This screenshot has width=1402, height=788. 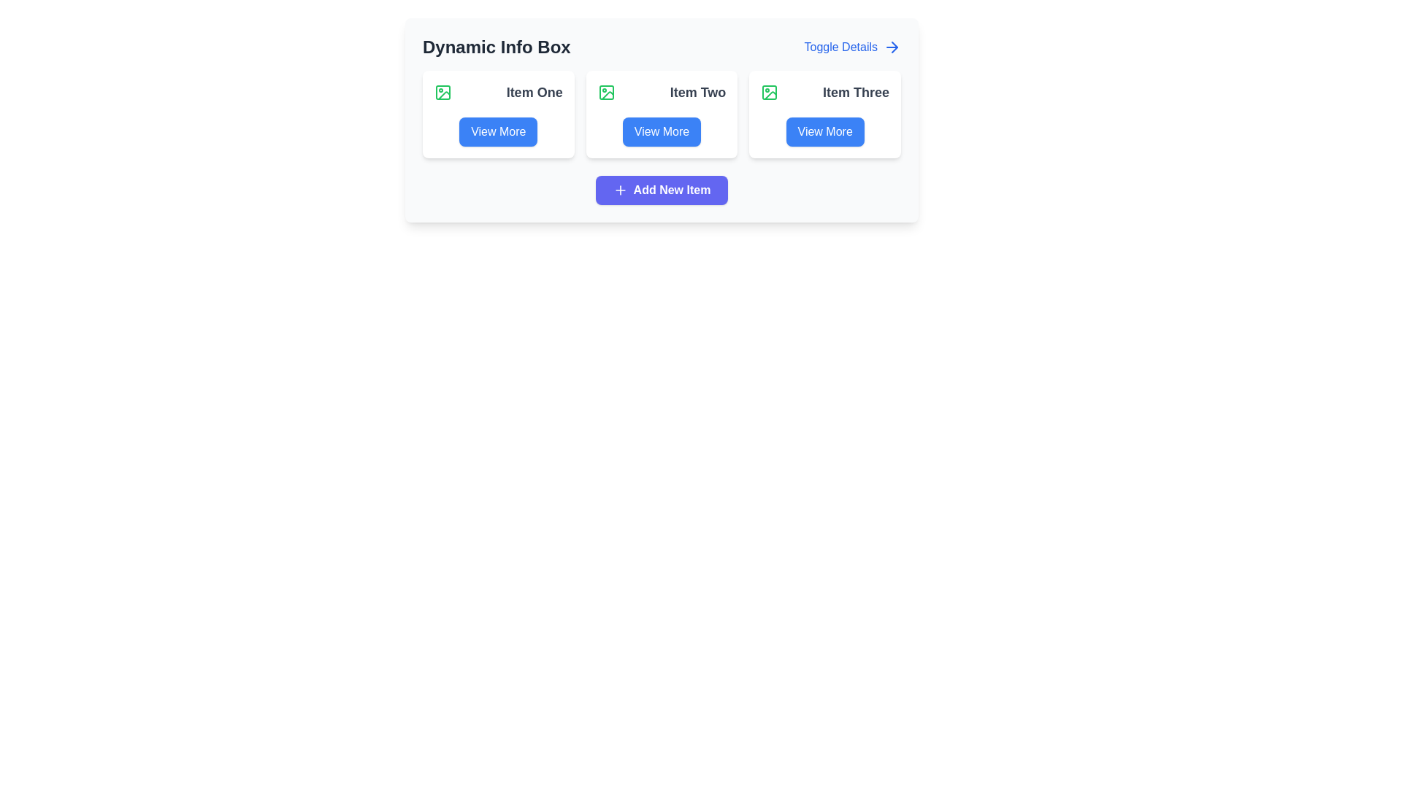 I want to click on the button located at the bottom of the 'Dynamic Info Box' component, centered beneath the grid layout containing 'Item One', 'Item Two', and 'Item Three', so click(x=661, y=190).